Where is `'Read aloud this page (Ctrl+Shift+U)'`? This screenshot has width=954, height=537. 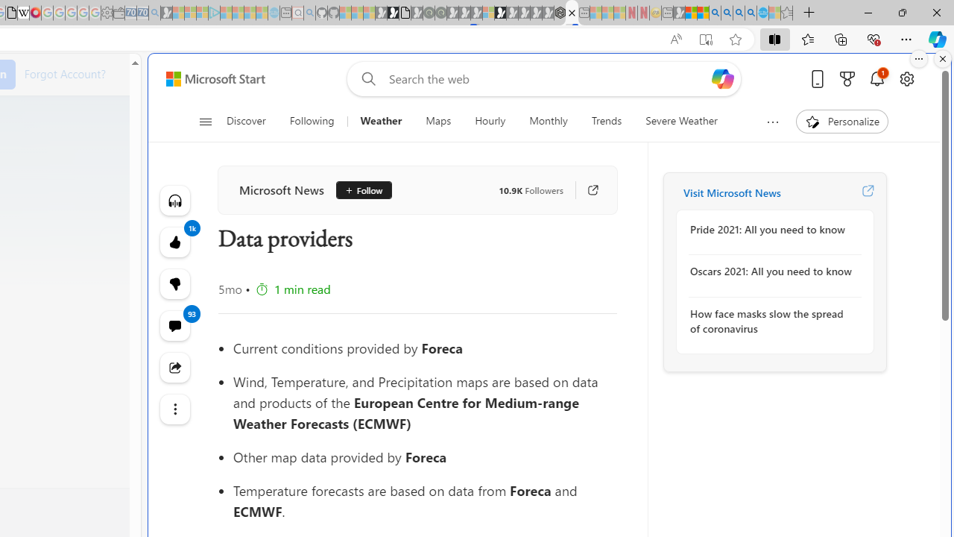 'Read aloud this page (Ctrl+Shift+U)' is located at coordinates (675, 39).